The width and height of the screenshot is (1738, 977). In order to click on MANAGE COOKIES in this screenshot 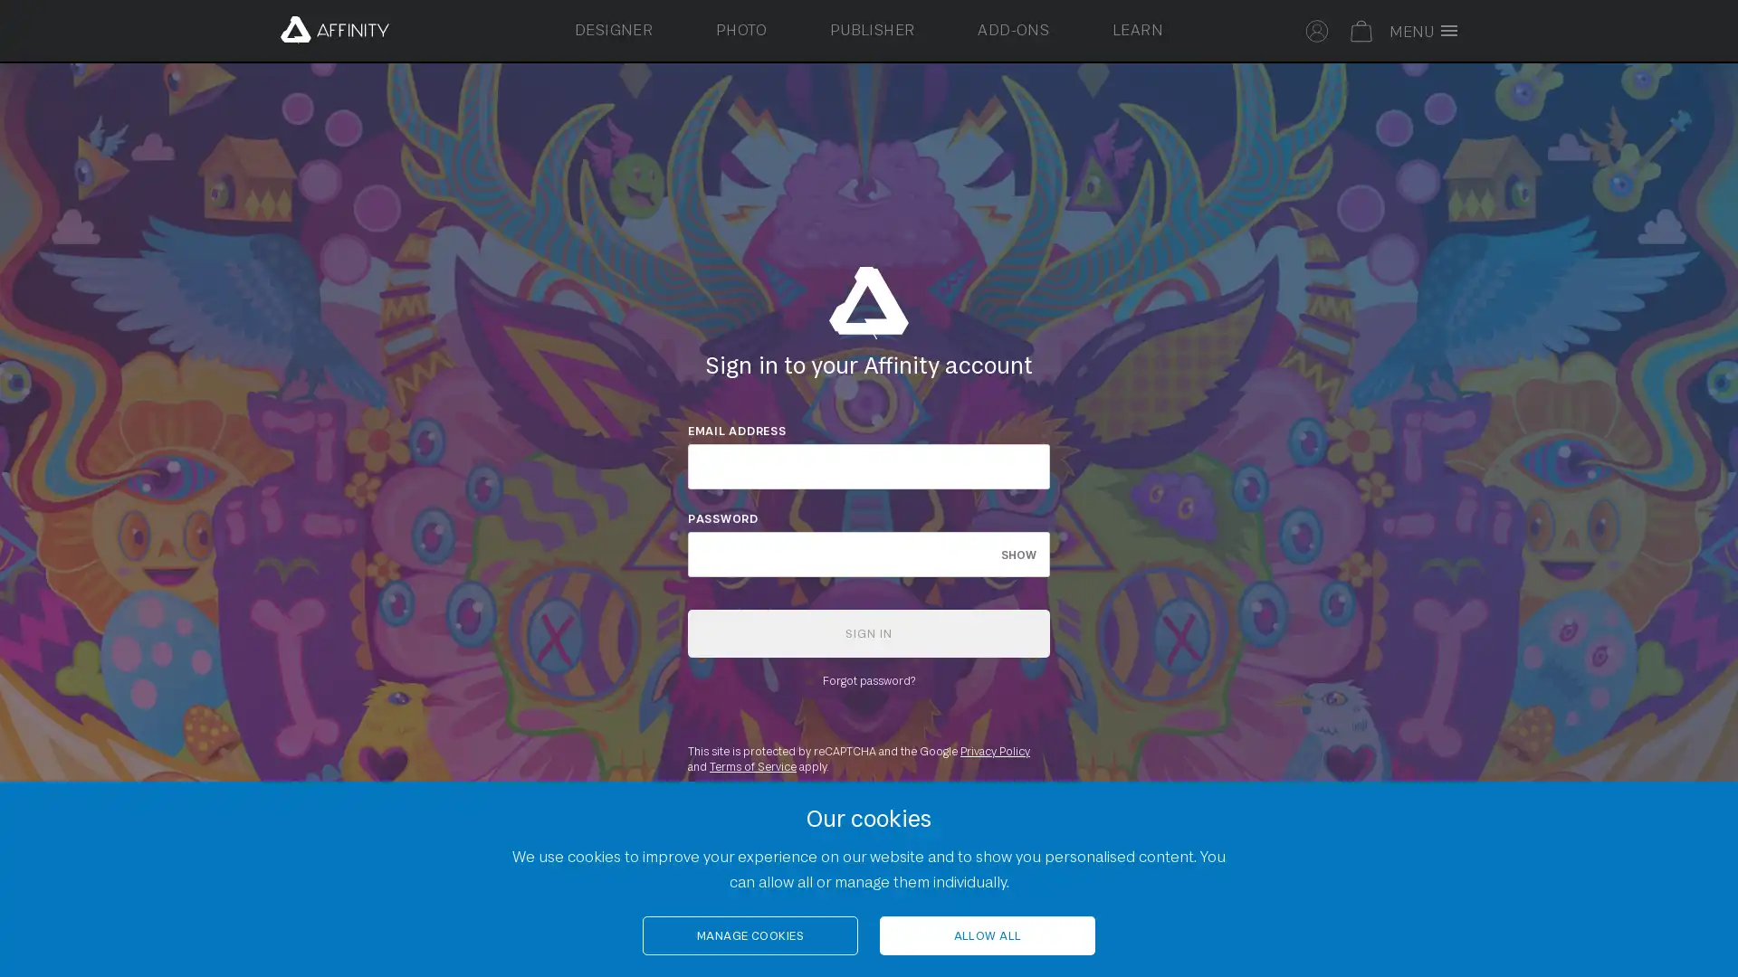, I will do `click(750, 935)`.